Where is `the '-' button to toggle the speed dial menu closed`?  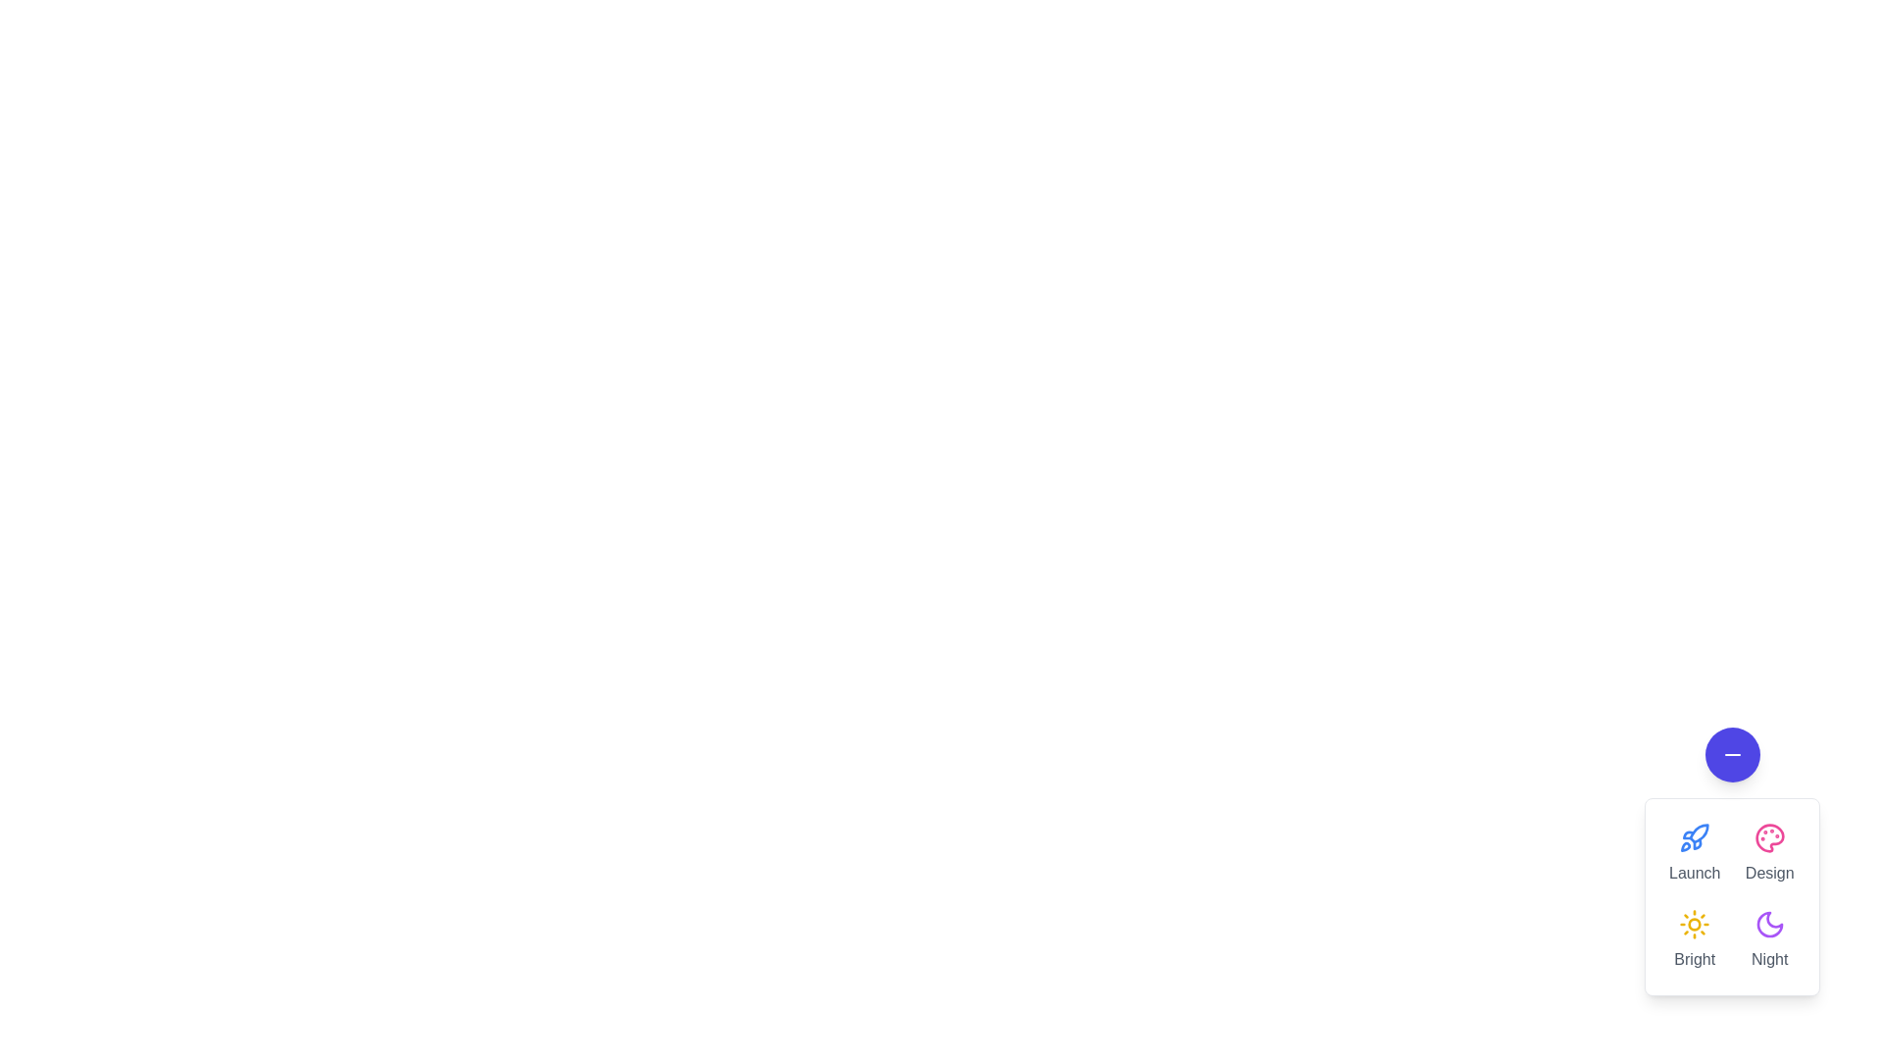 the '-' button to toggle the speed dial menu closed is located at coordinates (1732, 754).